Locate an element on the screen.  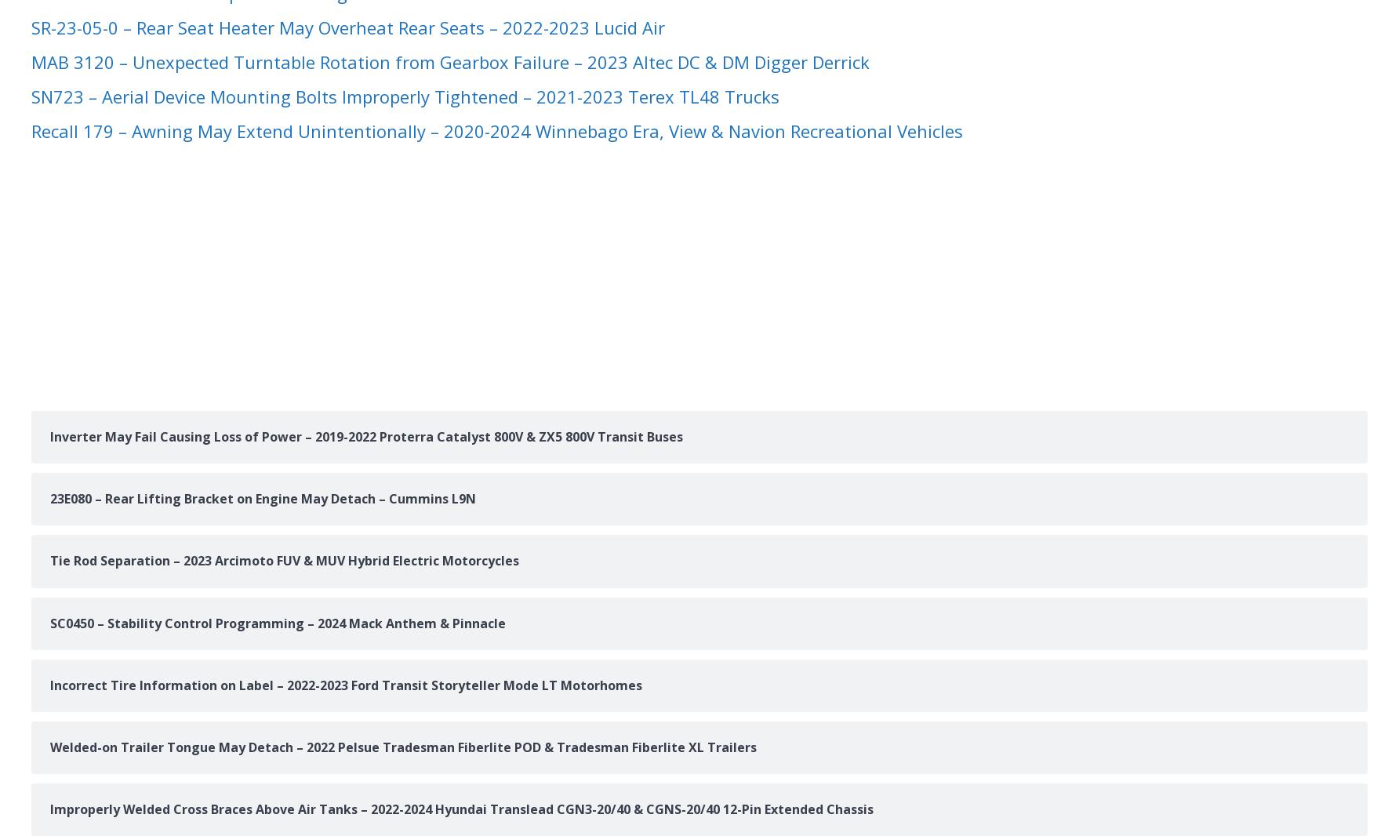
'SR-23-05-0 – Rear Seat Heater May Overheat Rear Seats – 2022-2023 Lucid Air' is located at coordinates (347, 26).